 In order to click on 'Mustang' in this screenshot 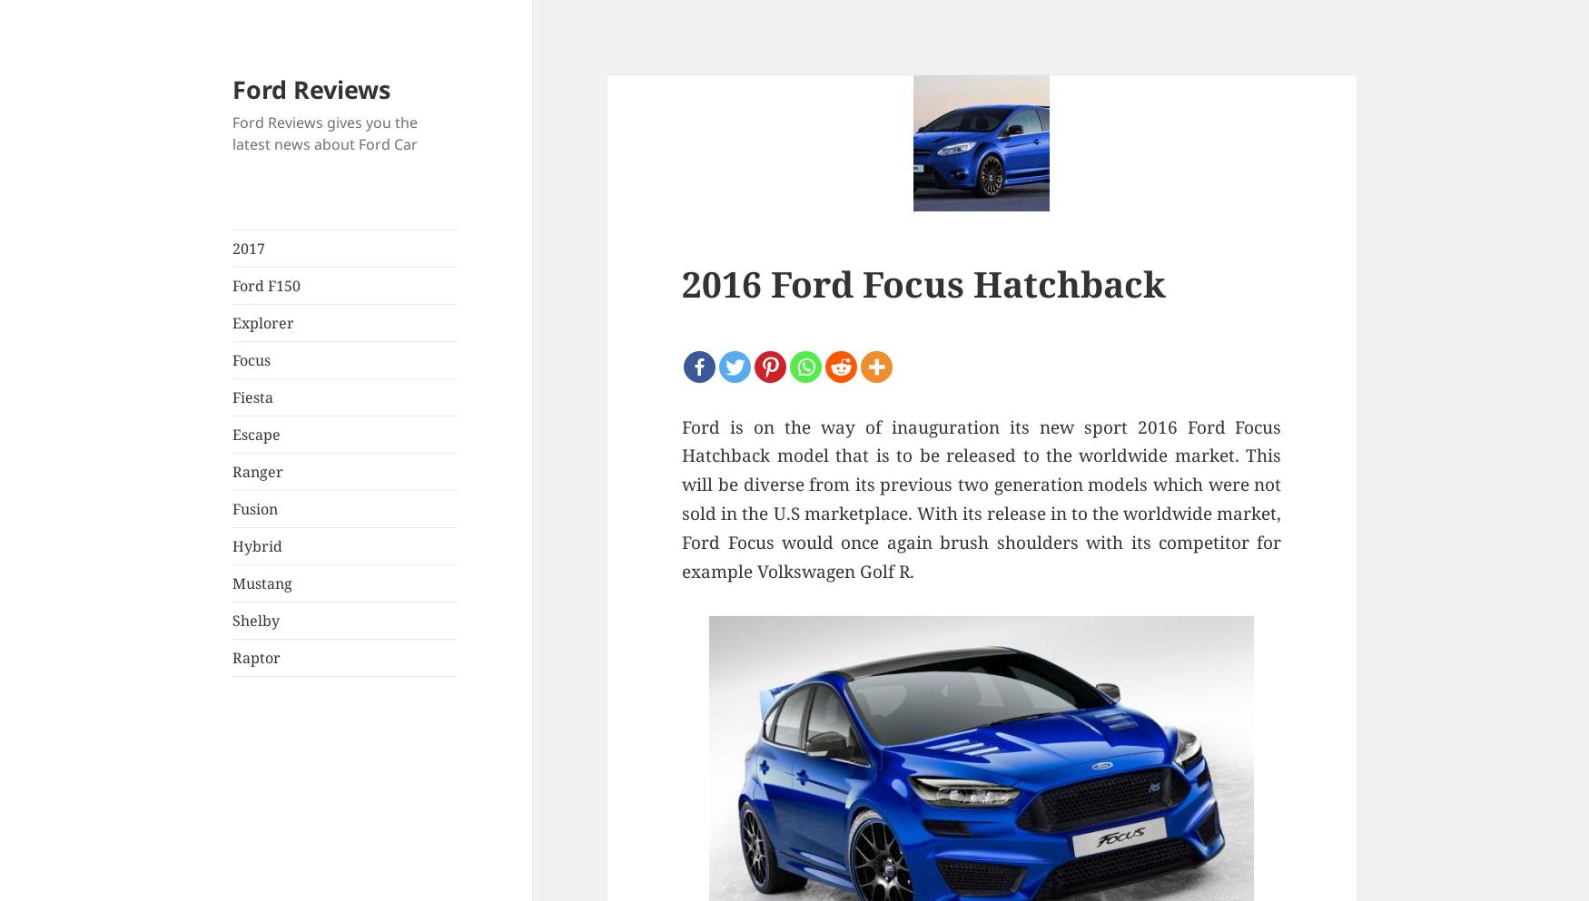, I will do `click(261, 582)`.